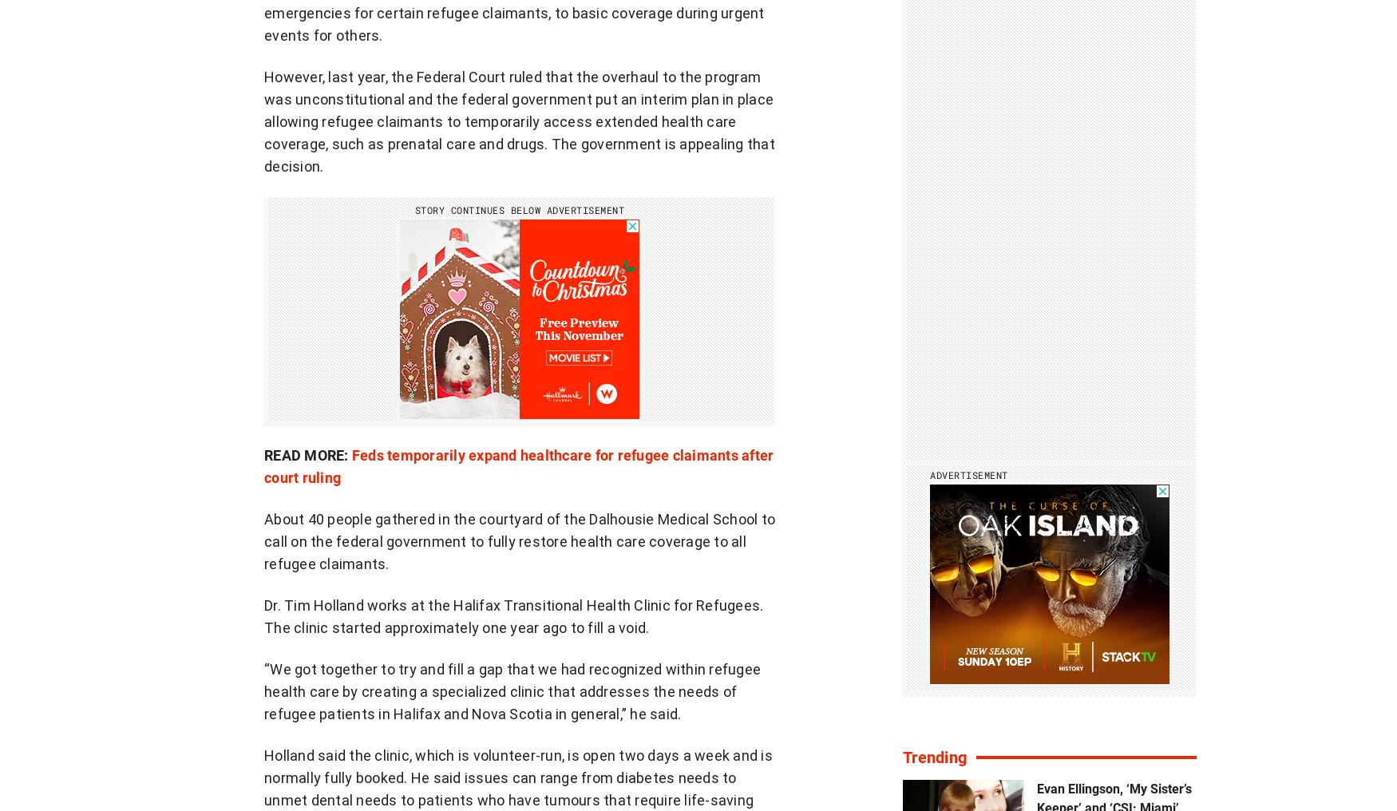  Describe the element at coordinates (743, 665) in the screenshot. I see `'Notifications'` at that location.